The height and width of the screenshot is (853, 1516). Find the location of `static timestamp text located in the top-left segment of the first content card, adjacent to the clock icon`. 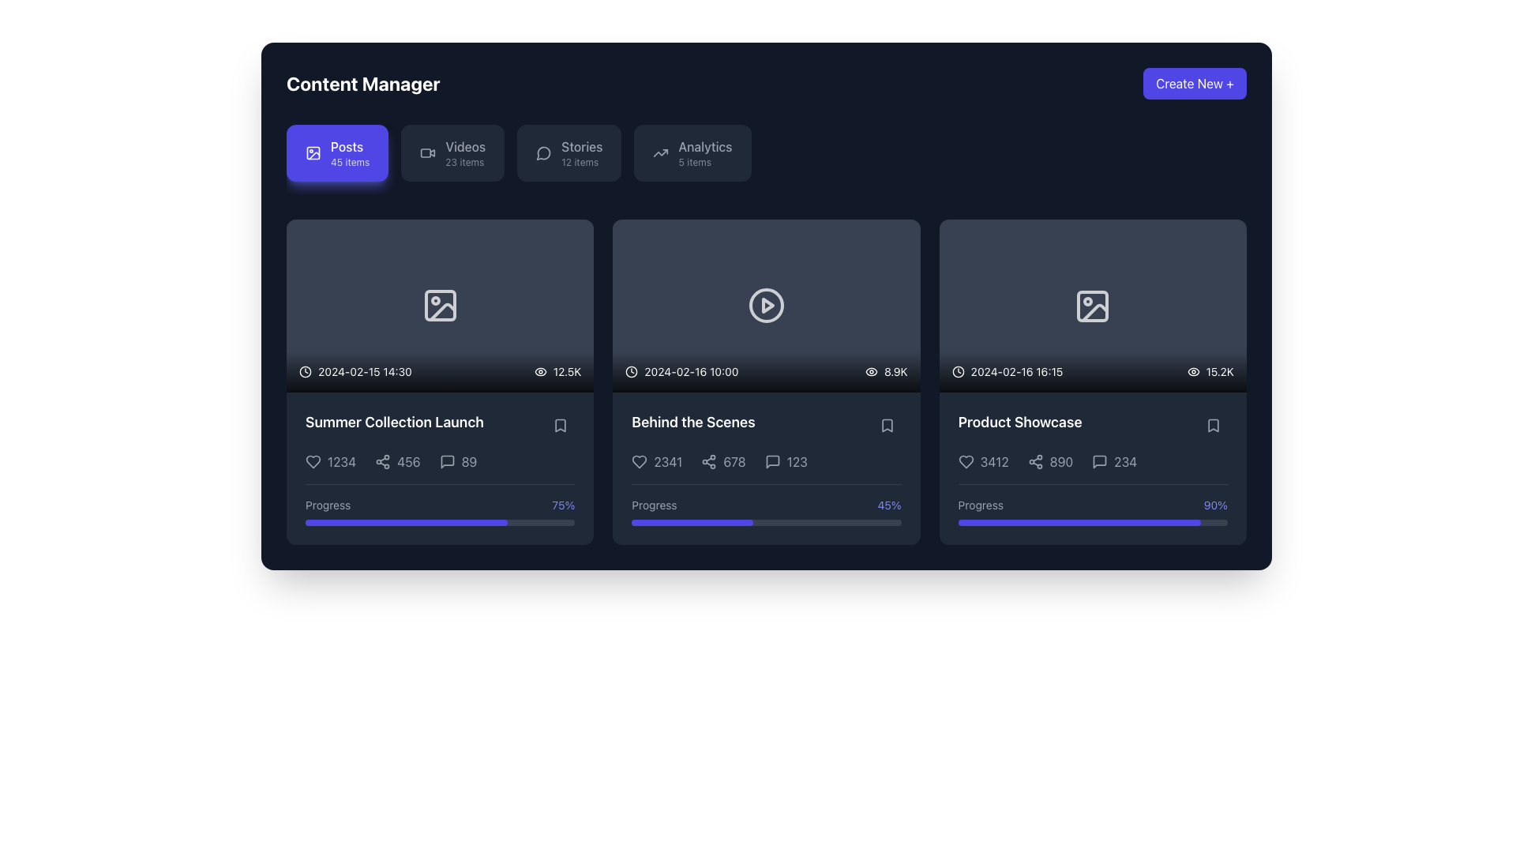

static timestamp text located in the top-left segment of the first content card, adjacent to the clock icon is located at coordinates (355, 371).